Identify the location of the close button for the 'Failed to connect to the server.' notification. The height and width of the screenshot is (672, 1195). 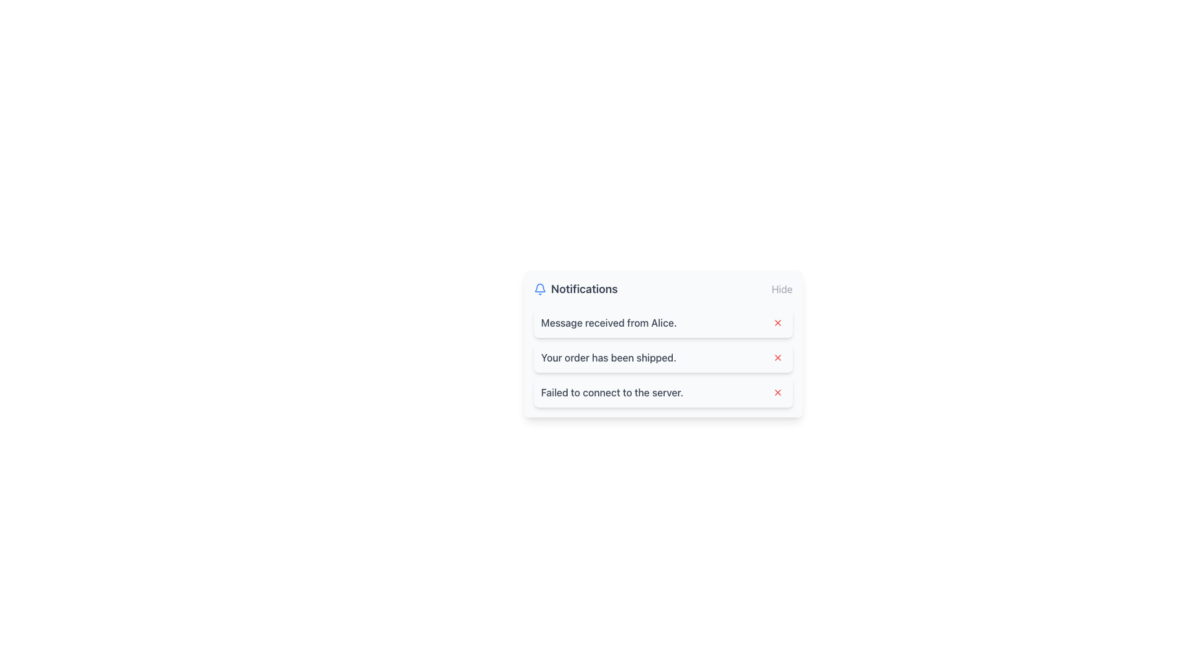
(777, 393).